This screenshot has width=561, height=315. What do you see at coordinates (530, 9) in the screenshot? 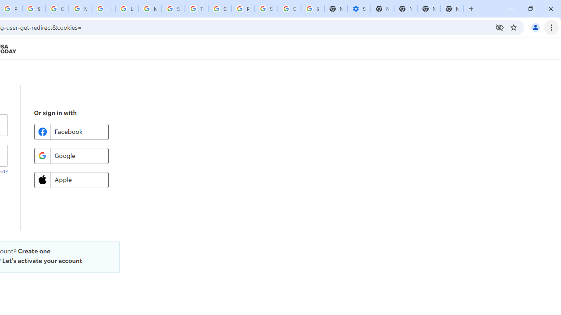
I see `'Restore'` at bounding box center [530, 9].